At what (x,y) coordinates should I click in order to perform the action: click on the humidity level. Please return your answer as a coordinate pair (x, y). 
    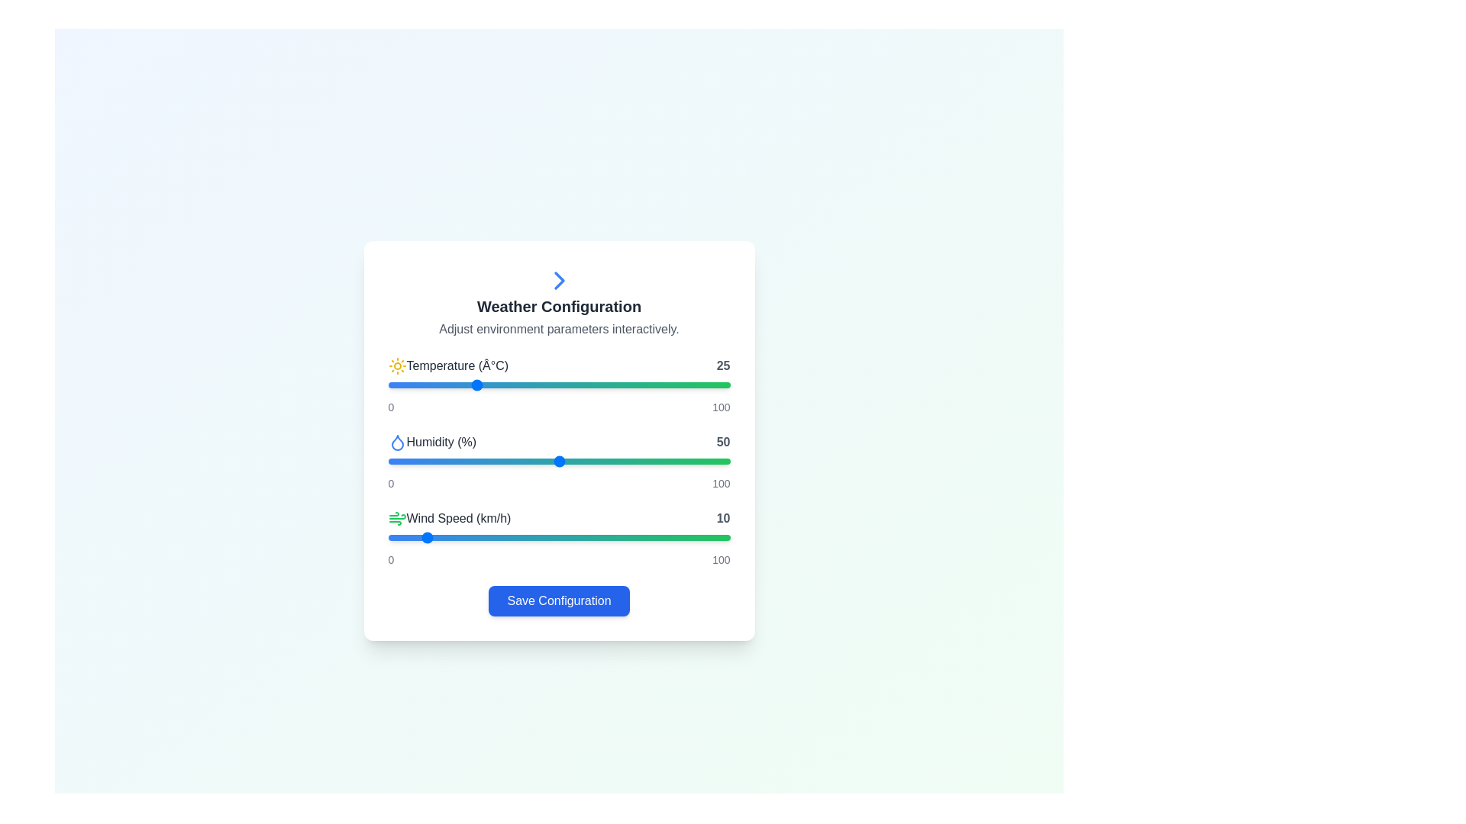
    Looking at the image, I should click on (602, 461).